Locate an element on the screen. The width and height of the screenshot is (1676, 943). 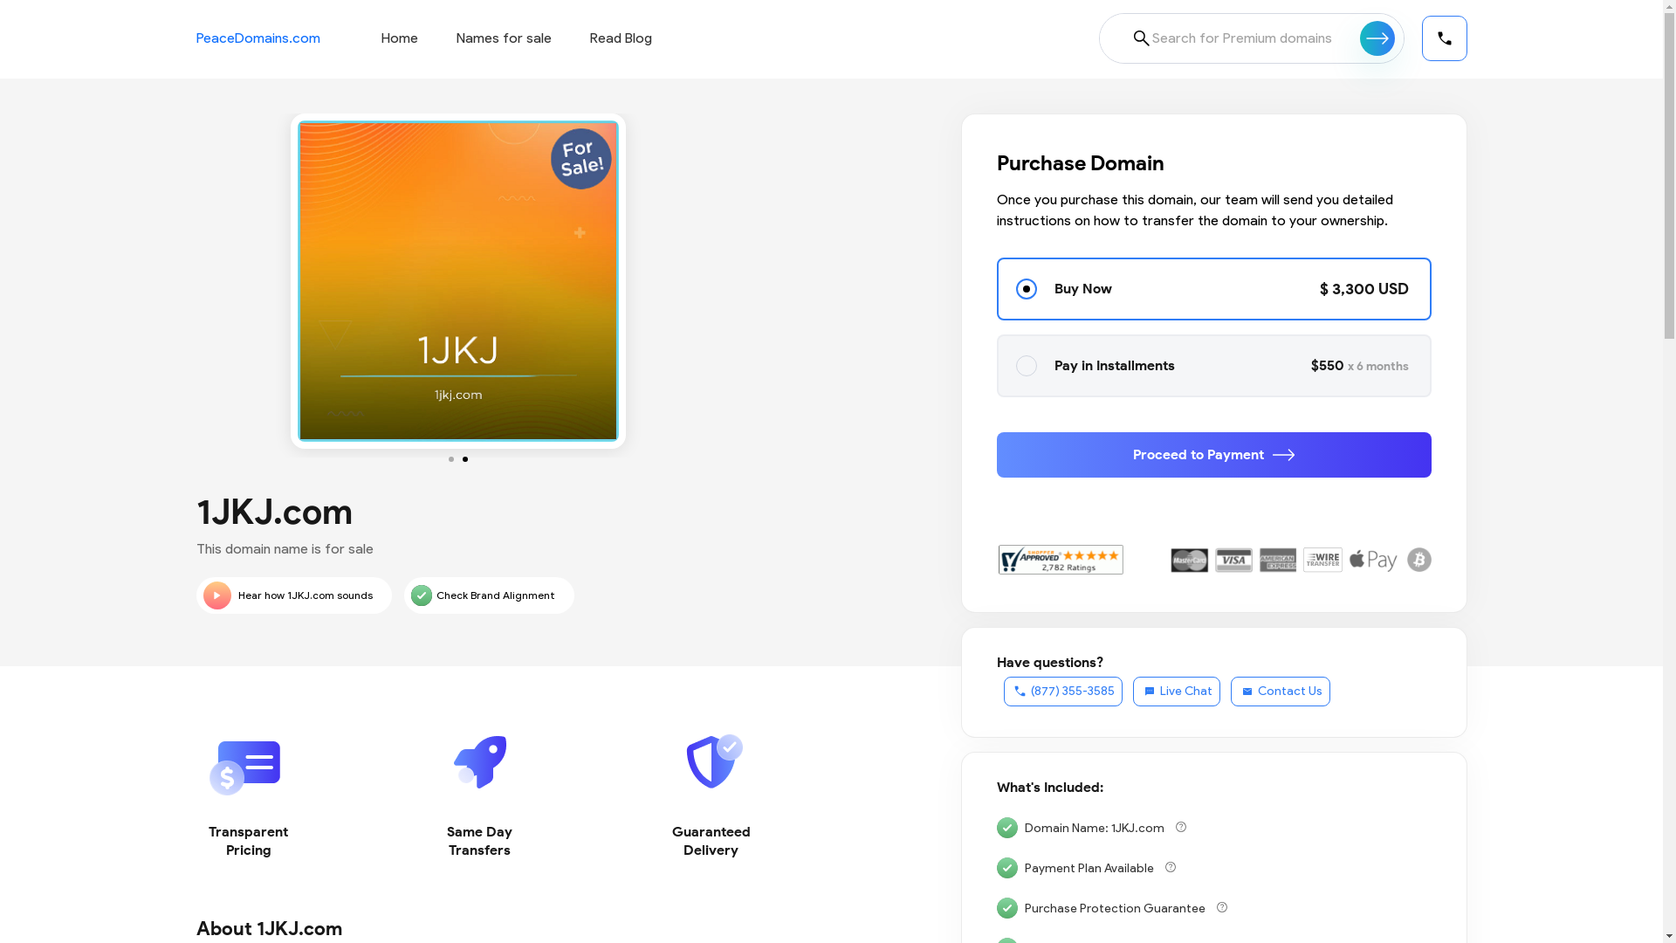
'Contact Us' is located at coordinates (1281, 690).